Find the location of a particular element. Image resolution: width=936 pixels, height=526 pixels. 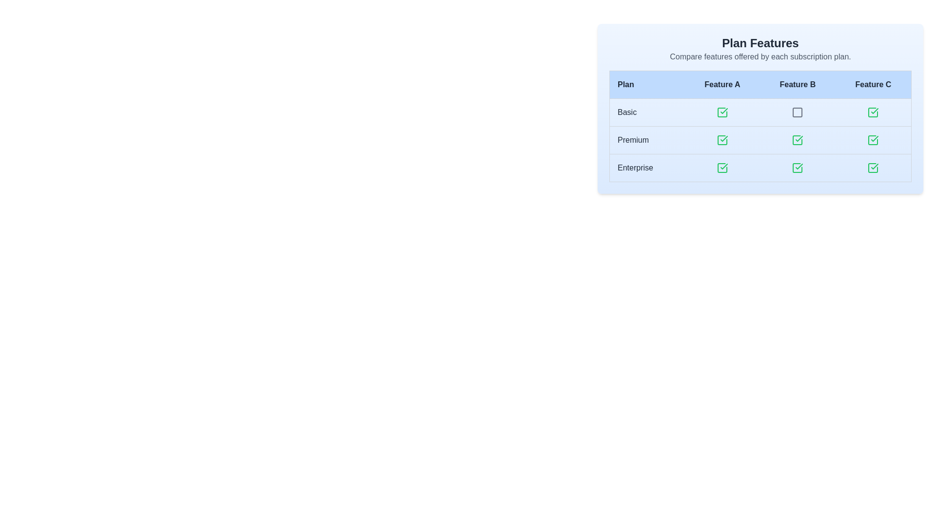

the 'Feature B' icon in the Premium plan row is located at coordinates (798, 140).